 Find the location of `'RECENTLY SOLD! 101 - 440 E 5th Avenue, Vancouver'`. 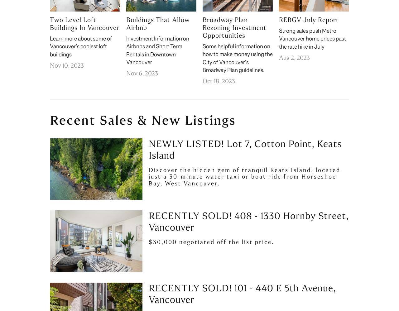

'RECENTLY SOLD! 101 - 440 E 5th Avenue, Vancouver' is located at coordinates (242, 294).